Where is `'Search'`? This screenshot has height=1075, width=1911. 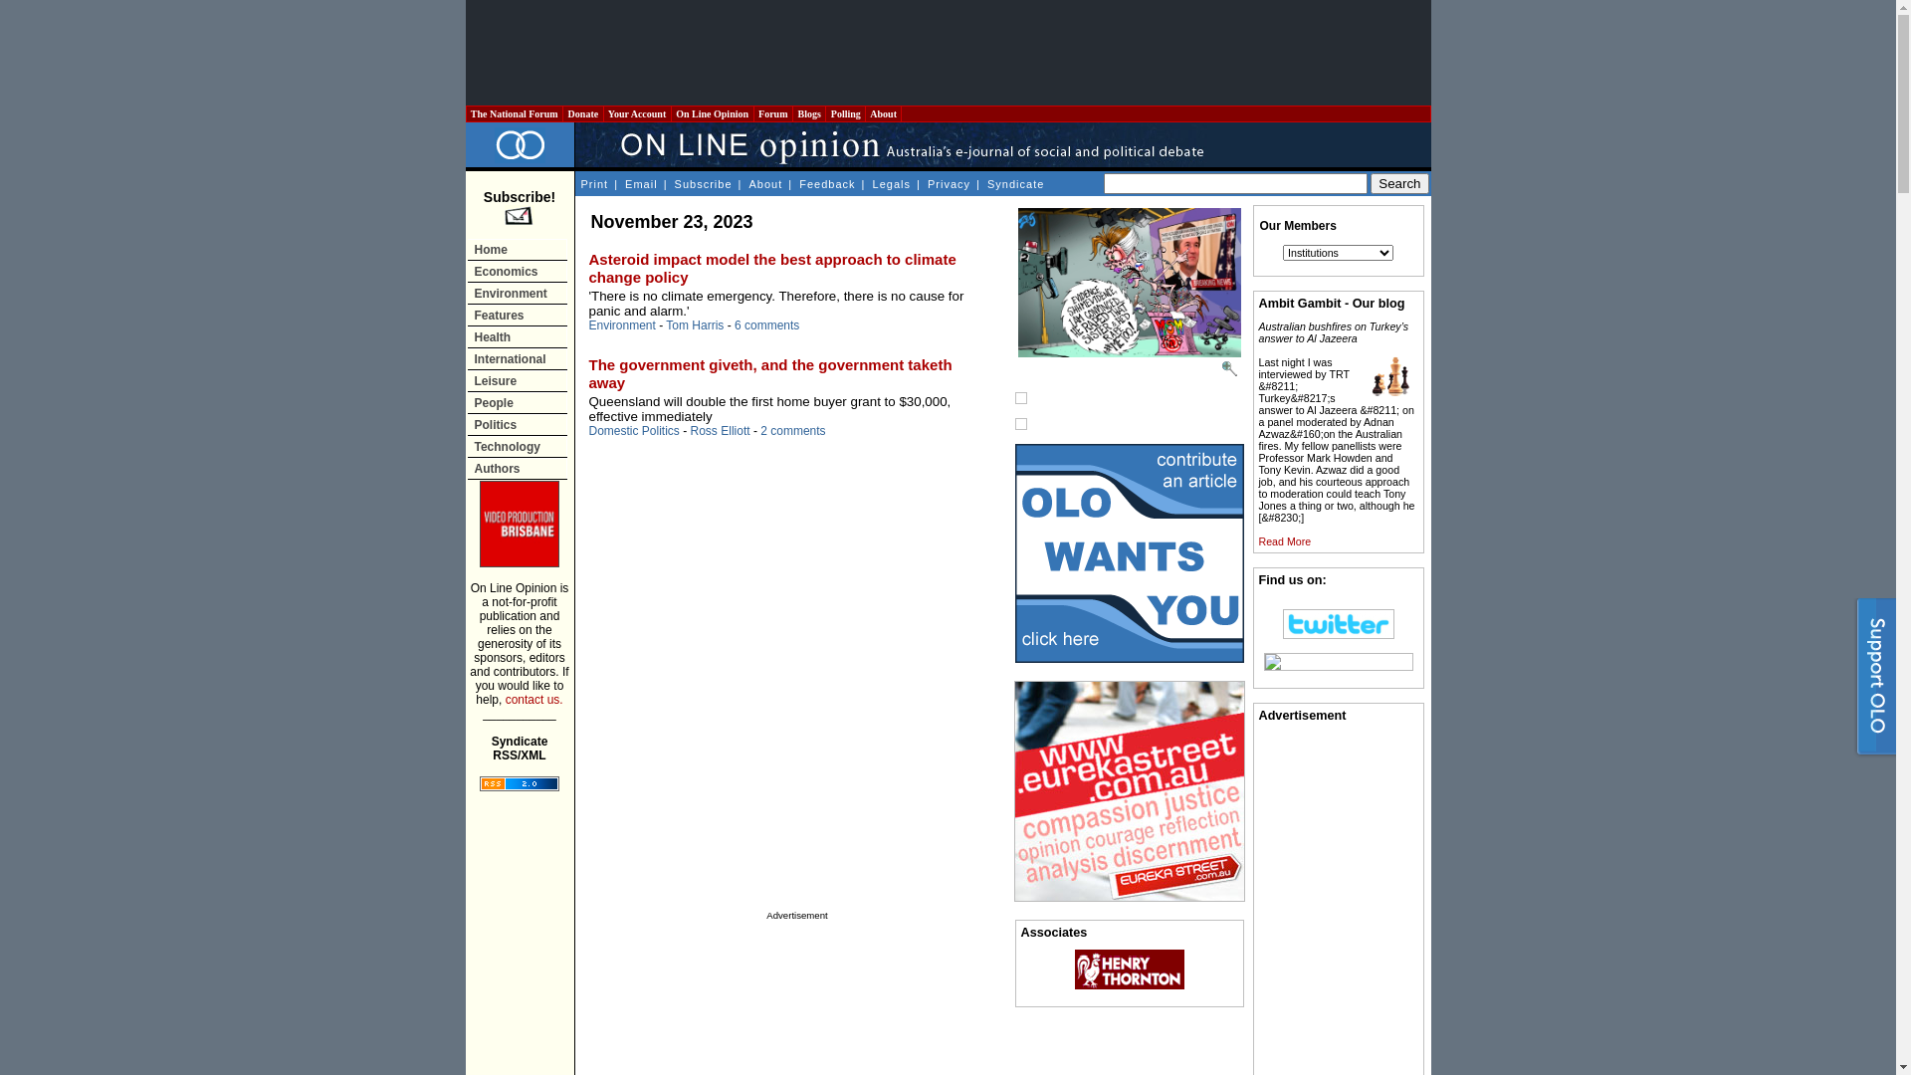 'Search' is located at coordinates (1370, 183).